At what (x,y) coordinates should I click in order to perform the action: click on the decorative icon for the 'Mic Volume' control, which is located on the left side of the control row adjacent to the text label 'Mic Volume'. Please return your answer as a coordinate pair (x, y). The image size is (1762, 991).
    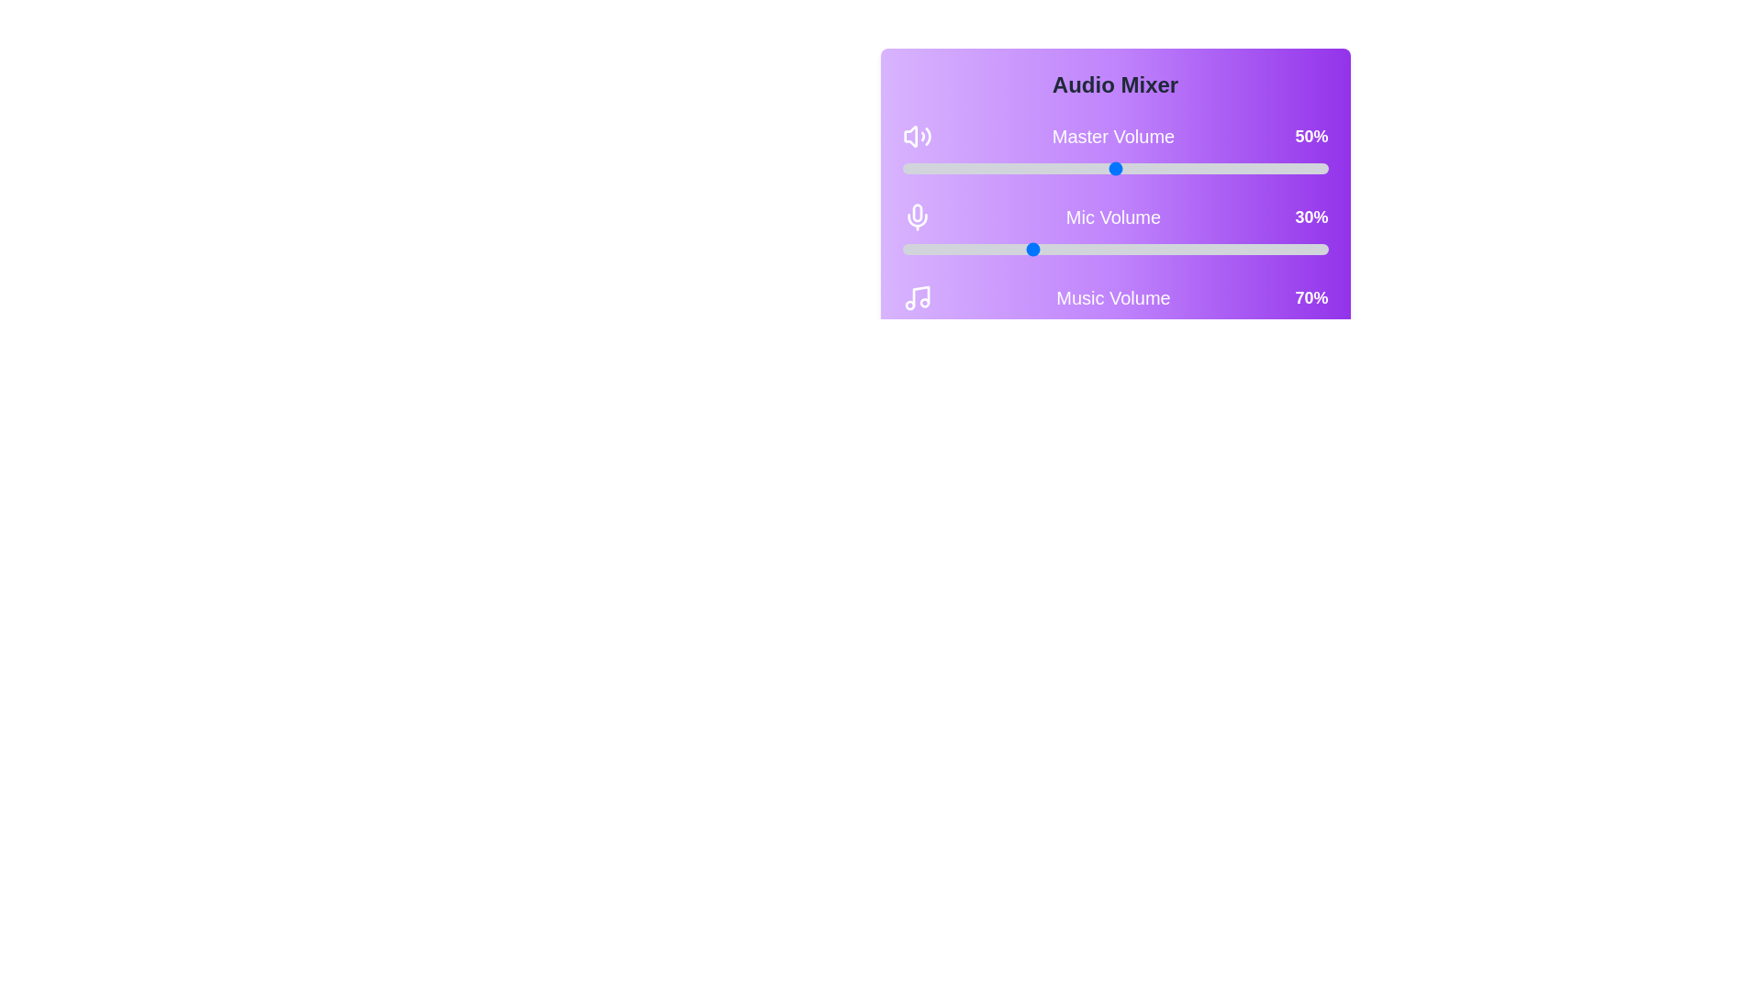
    Looking at the image, I should click on (917, 216).